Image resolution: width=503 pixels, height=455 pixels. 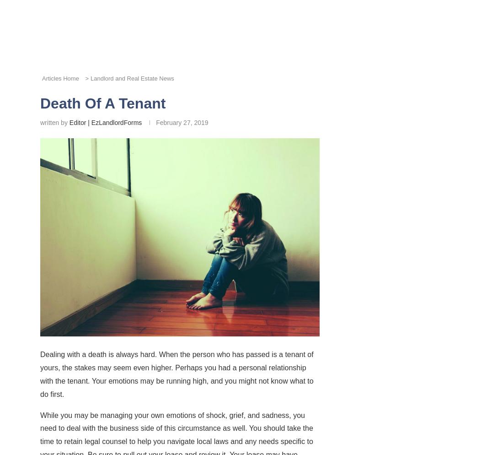 What do you see at coordinates (230, 265) in the screenshot?
I see `'Pinterest'` at bounding box center [230, 265].